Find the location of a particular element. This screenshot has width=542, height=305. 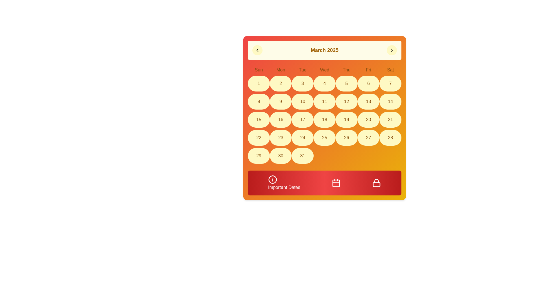

the button representing the 14th day of the month in the calendar interface is located at coordinates (390, 101).